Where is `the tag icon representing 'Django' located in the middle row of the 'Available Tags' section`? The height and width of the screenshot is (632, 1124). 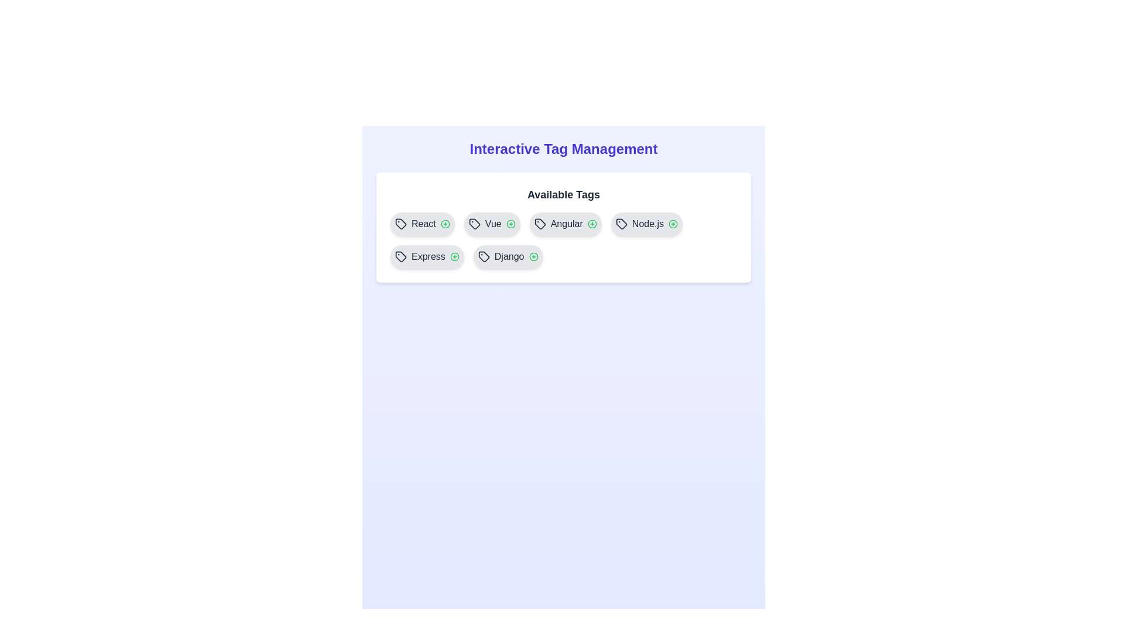
the tag icon representing 'Django' located in the middle row of the 'Available Tags' section is located at coordinates (484, 256).